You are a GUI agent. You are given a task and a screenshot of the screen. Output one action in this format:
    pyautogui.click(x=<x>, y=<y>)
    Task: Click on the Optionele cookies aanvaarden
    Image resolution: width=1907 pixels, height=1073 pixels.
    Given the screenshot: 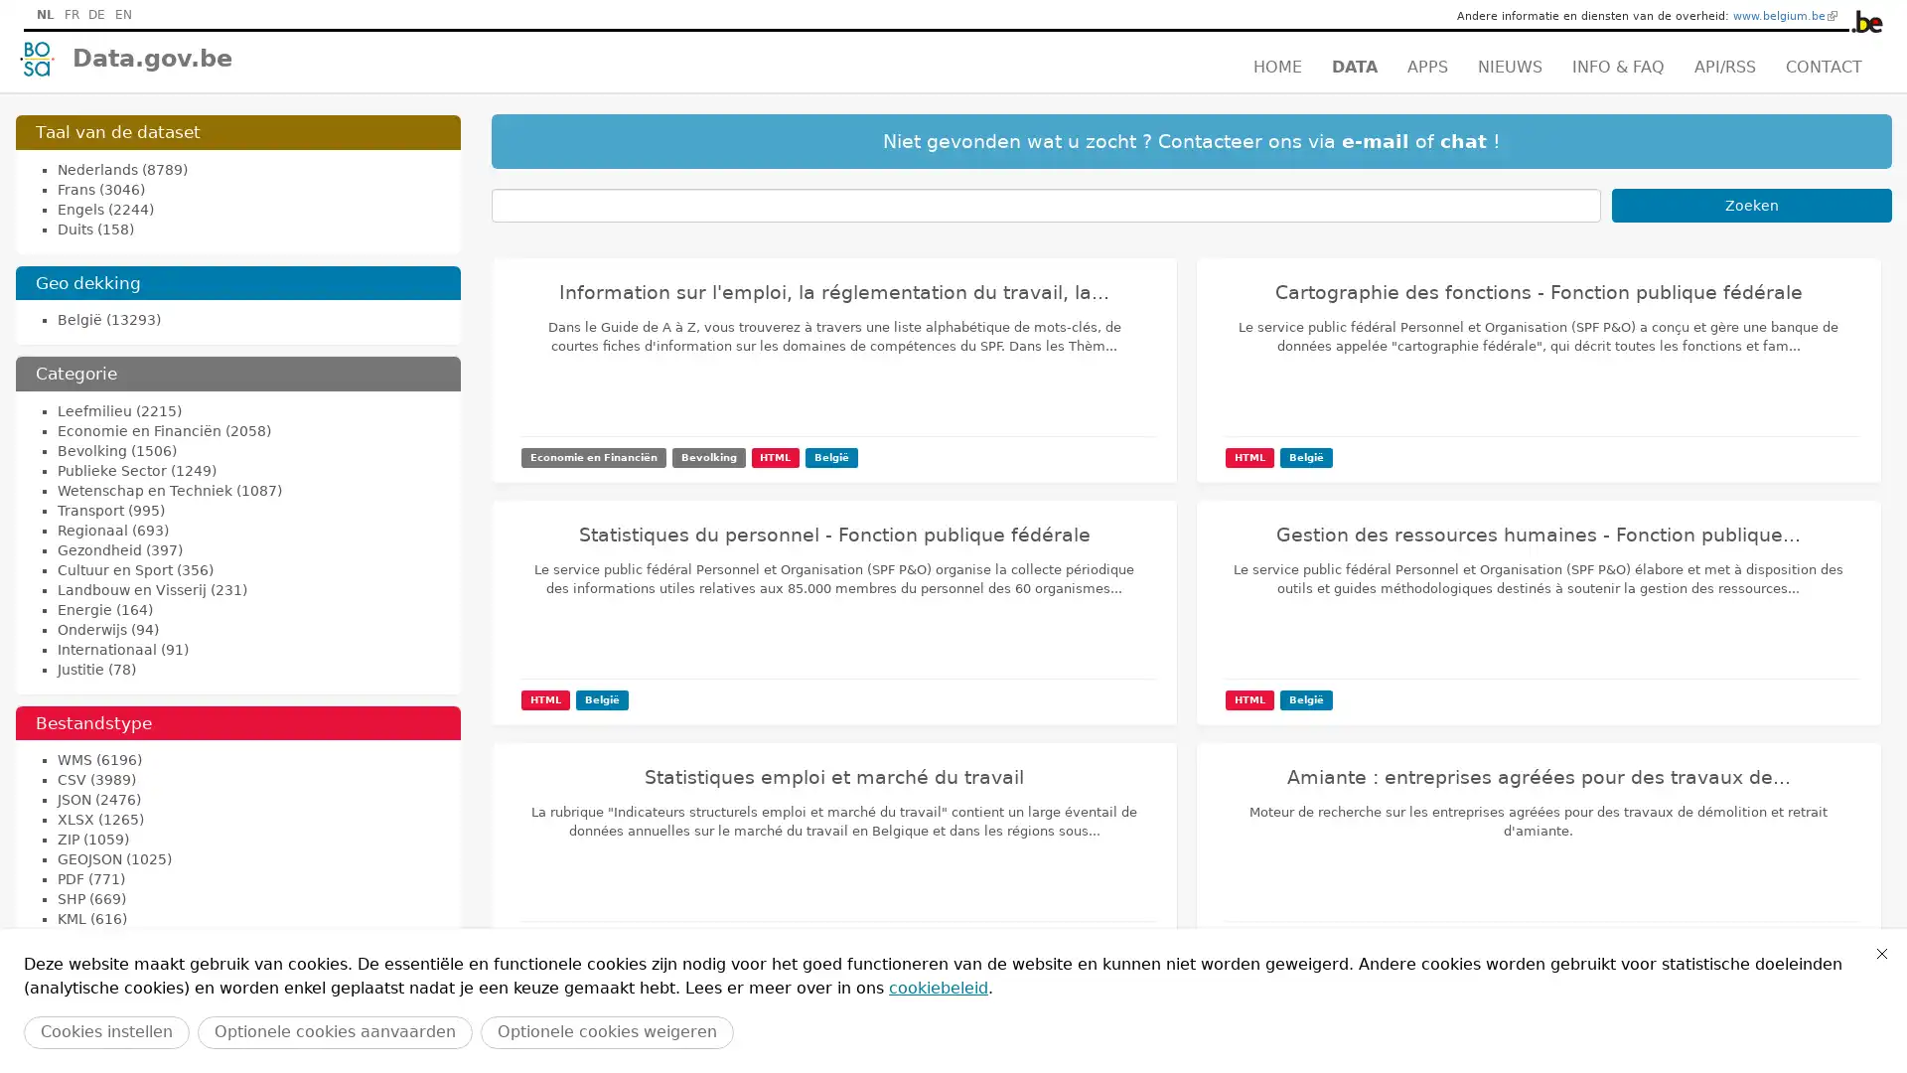 What is the action you would take?
    pyautogui.click(x=335, y=1031)
    